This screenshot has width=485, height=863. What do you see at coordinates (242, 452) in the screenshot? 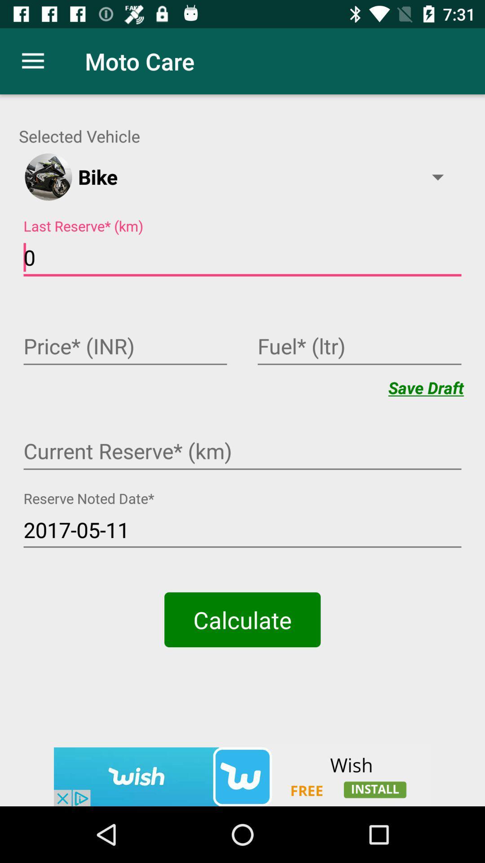
I see `open current reserve text box` at bounding box center [242, 452].